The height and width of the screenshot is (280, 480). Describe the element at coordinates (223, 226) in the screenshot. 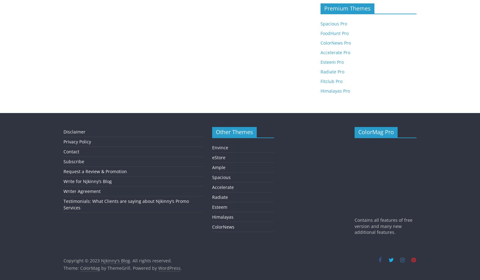

I see `'ColorNews'` at that location.